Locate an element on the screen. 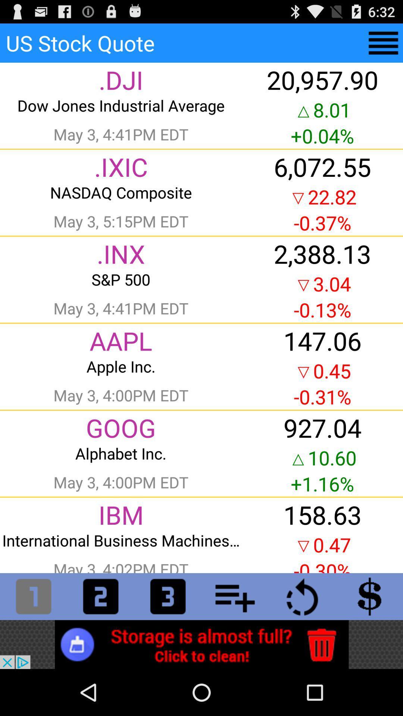 The width and height of the screenshot is (403, 716). type is located at coordinates (168, 596).